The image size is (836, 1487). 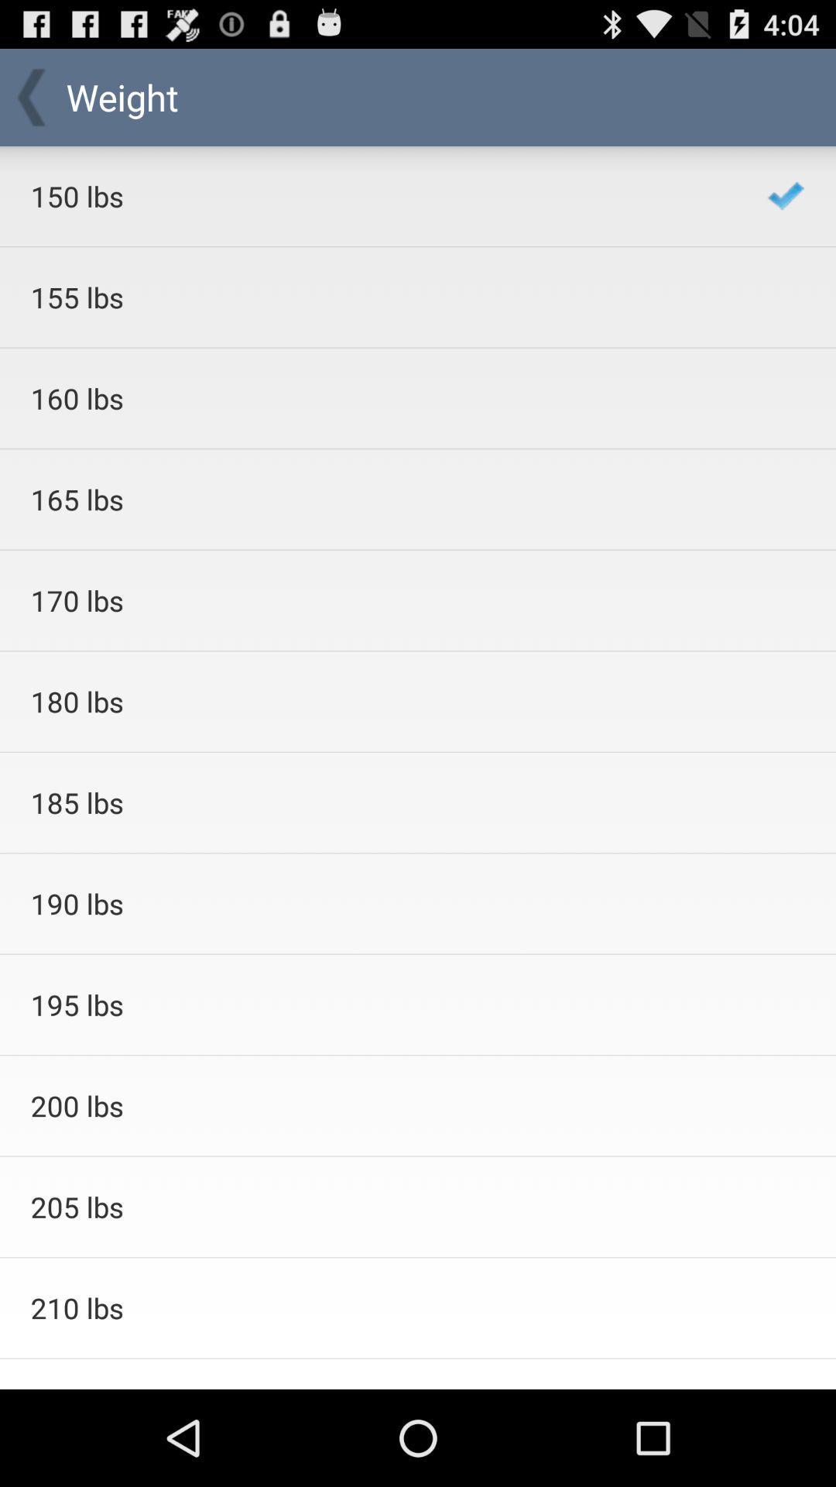 I want to click on icon above the 165 lbs icon, so click(x=379, y=398).